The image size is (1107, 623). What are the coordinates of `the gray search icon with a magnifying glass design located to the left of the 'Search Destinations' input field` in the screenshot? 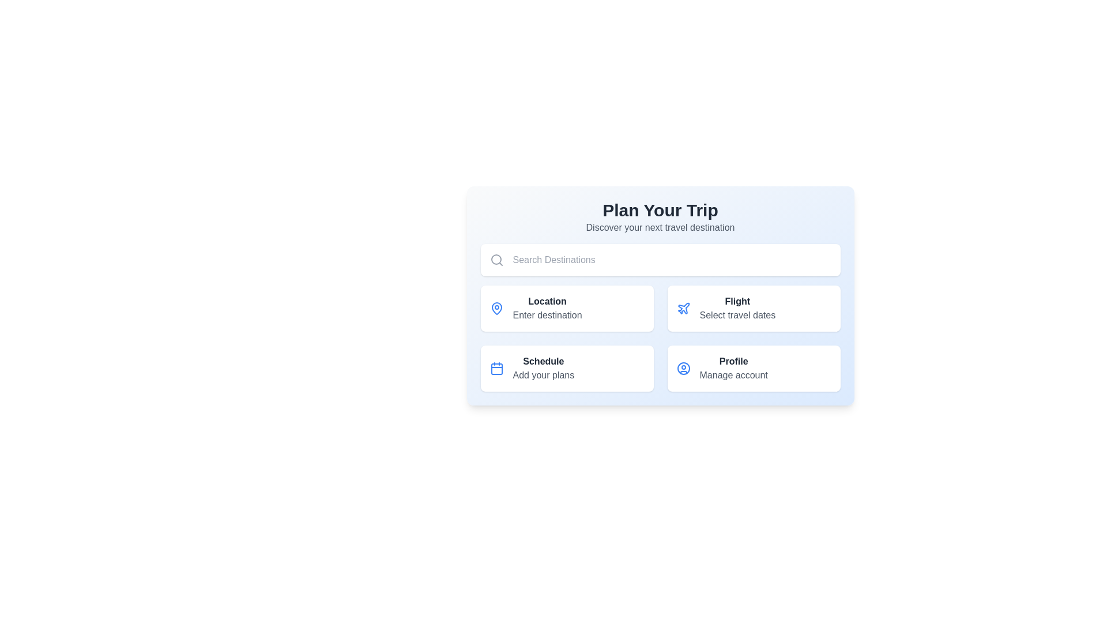 It's located at (496, 260).